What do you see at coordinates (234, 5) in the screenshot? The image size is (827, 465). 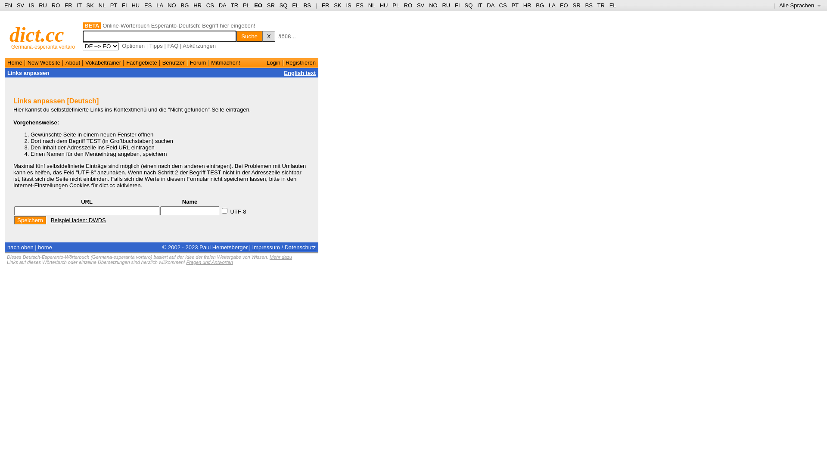 I see `'TR'` at bounding box center [234, 5].